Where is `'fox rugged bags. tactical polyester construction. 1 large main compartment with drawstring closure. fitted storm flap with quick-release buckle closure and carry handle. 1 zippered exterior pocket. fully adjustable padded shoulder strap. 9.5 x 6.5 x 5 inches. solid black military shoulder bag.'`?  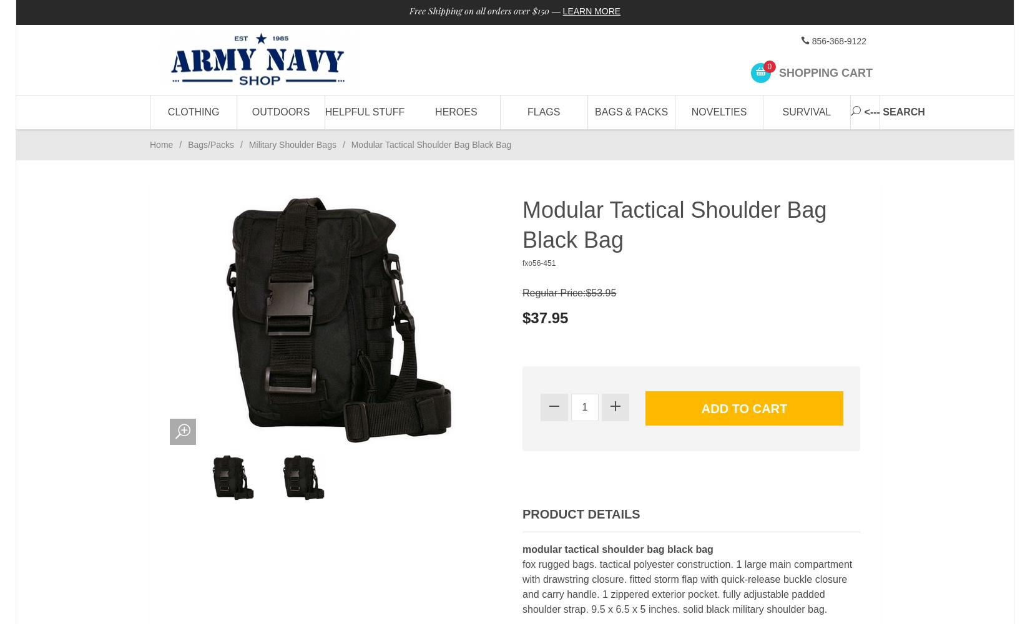
'fox rugged bags. tactical polyester construction. 1 large main compartment with drawstring closure. fitted storm flap with quick-release buckle closure and carry handle. 1 zippered exterior pocket. fully adjustable padded shoulder strap. 9.5 x 6.5 x 5 inches. solid black military shoulder bag.' is located at coordinates (687, 585).